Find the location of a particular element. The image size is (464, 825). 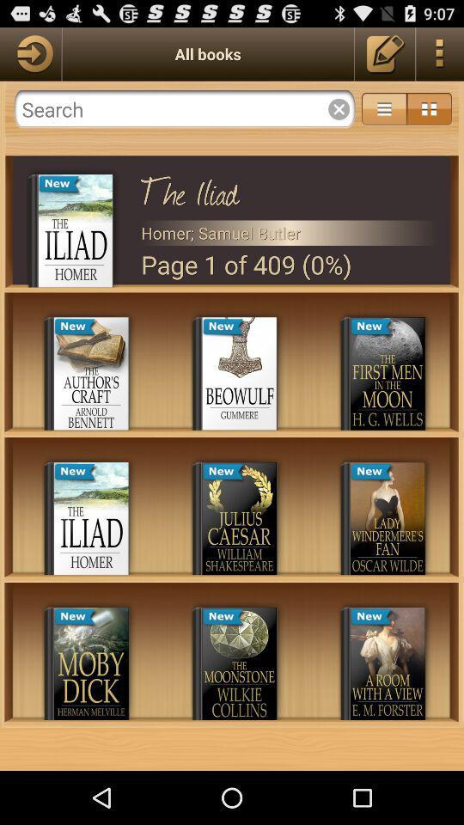

menu settings option is located at coordinates (384, 108).